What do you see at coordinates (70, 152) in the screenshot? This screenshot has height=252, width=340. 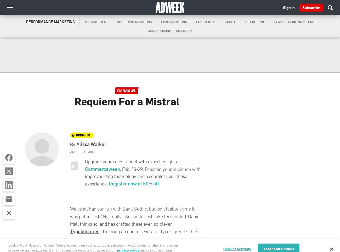 I see `'August 22, 2006'` at bounding box center [70, 152].